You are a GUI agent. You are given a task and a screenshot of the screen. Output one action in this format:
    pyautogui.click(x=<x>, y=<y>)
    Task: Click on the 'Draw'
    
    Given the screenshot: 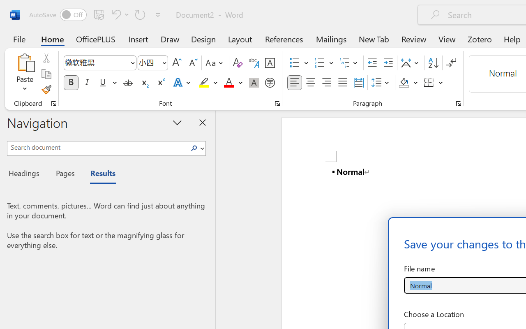 What is the action you would take?
    pyautogui.click(x=170, y=39)
    